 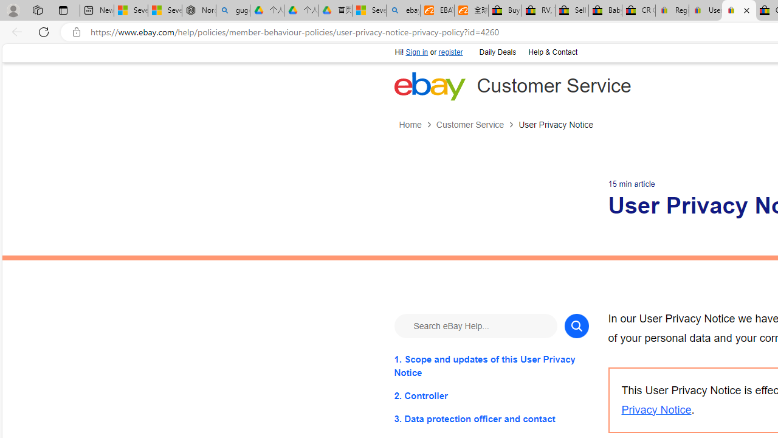 I want to click on 'guge yunpan - Search', so click(x=233, y=10).